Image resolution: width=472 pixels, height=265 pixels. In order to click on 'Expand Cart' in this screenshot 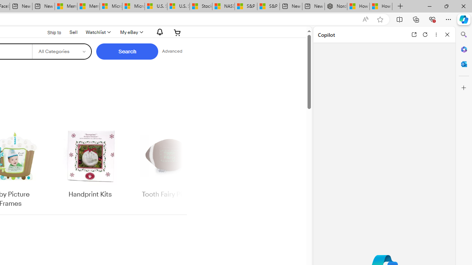, I will do `click(177, 32)`.